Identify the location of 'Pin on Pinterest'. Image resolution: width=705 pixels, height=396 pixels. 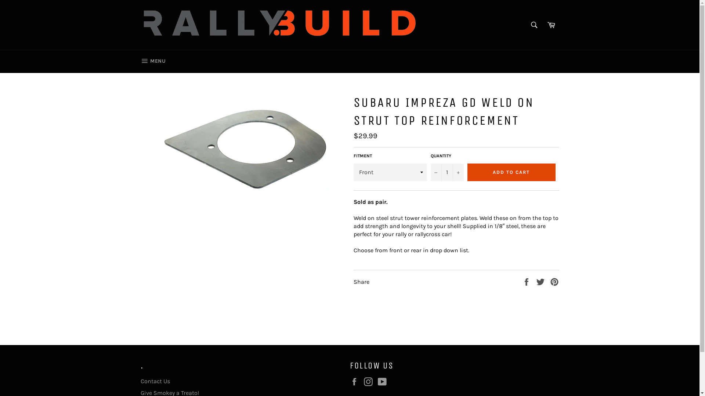
(550, 281).